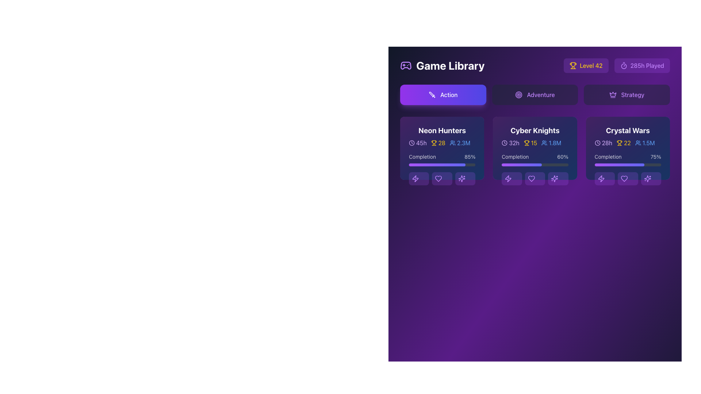  I want to click on the crown or achievement icon located in the header section, next to the 'Level 42' text, so click(613, 94).